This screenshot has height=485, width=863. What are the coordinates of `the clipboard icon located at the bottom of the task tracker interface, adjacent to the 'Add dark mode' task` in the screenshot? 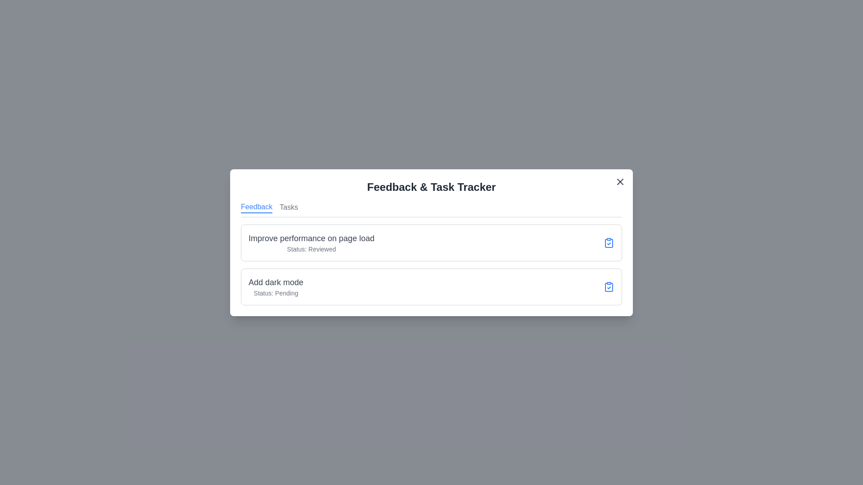 It's located at (609, 287).